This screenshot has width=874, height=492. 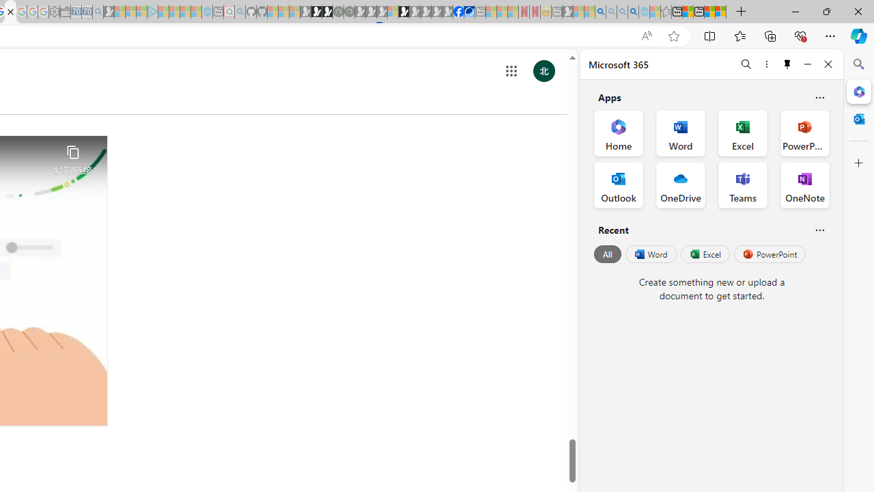 What do you see at coordinates (742, 185) in the screenshot?
I see `'Teams Office App'` at bounding box center [742, 185].